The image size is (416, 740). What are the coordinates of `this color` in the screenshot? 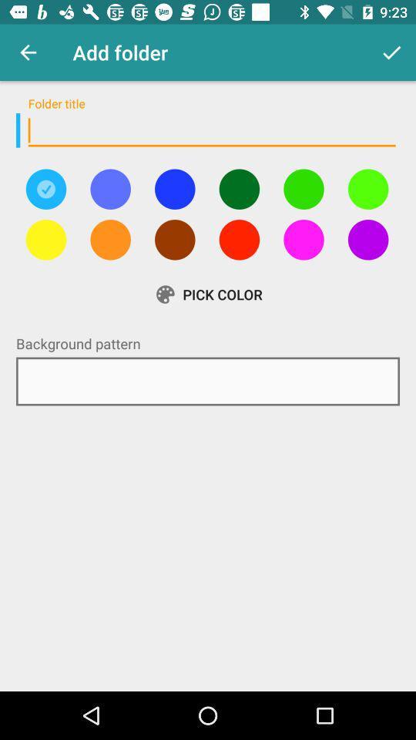 It's located at (109, 188).